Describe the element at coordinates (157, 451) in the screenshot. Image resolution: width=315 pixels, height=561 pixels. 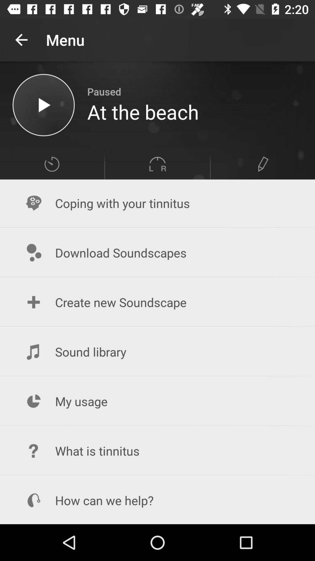
I see `what is tinnitus icon` at that location.